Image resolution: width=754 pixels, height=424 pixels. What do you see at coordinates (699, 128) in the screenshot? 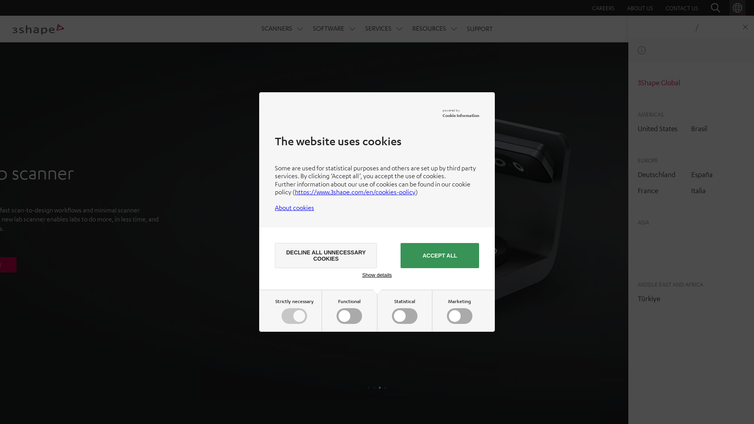
I see `'Brasil'` at bounding box center [699, 128].